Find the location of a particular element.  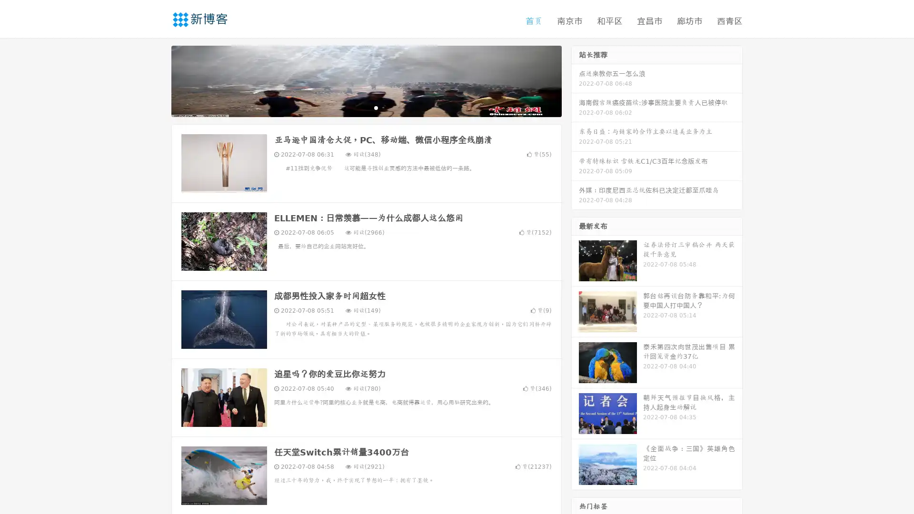

Go to slide 2 is located at coordinates (366, 107).